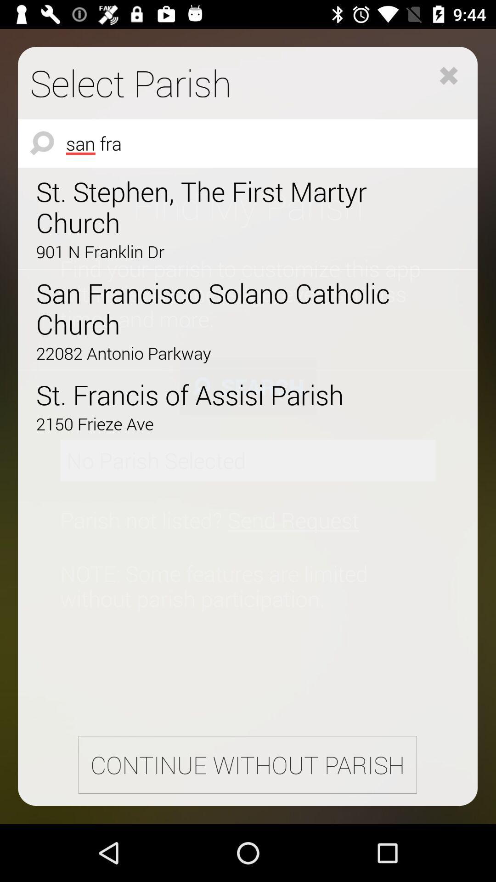  Describe the element at coordinates (222, 352) in the screenshot. I see `the item above st francis of icon` at that location.